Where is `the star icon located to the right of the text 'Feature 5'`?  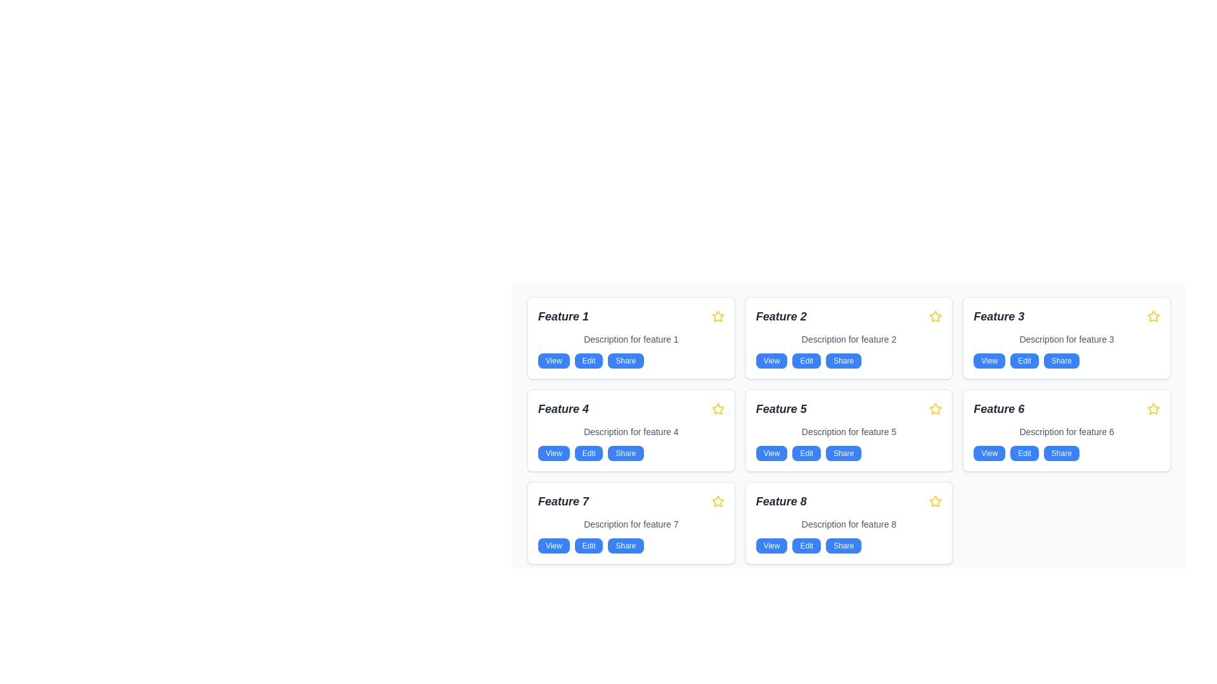
the star icon located to the right of the text 'Feature 5' is located at coordinates (936, 408).